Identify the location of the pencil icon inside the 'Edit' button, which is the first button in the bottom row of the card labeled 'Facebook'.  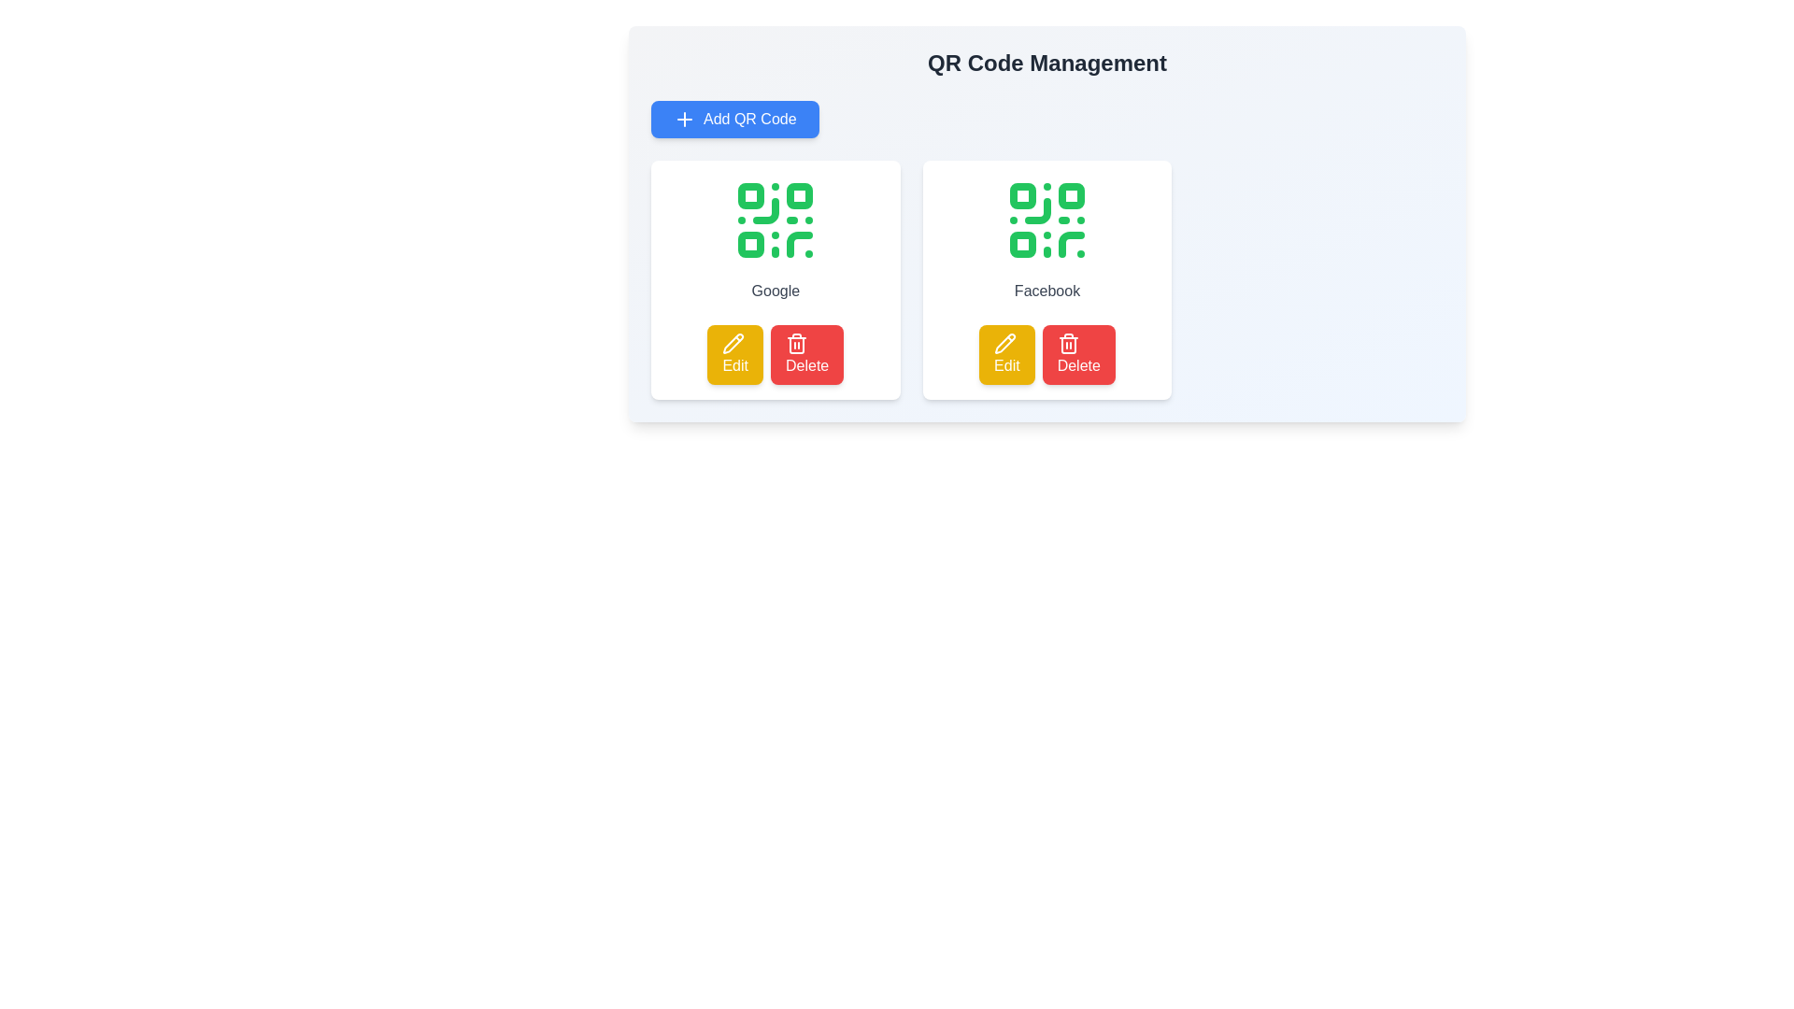
(1004, 343).